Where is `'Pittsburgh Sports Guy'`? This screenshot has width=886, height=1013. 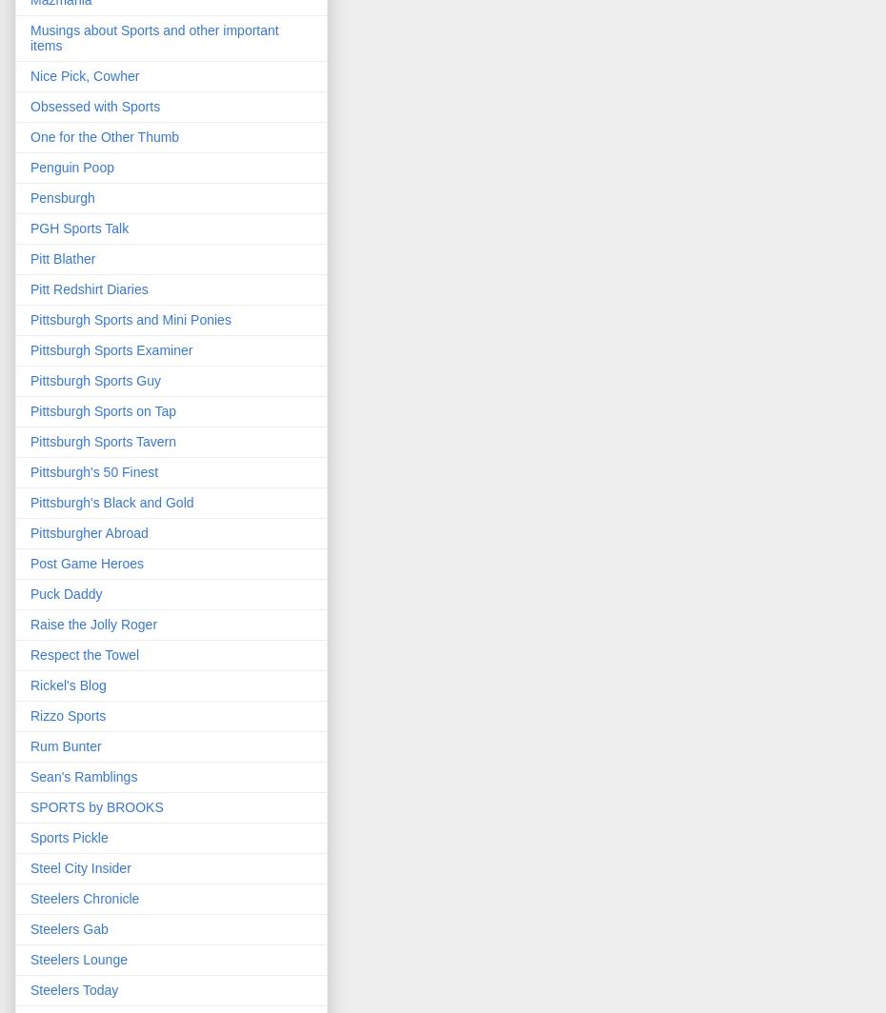
'Pittsburgh Sports Guy' is located at coordinates (94, 380).